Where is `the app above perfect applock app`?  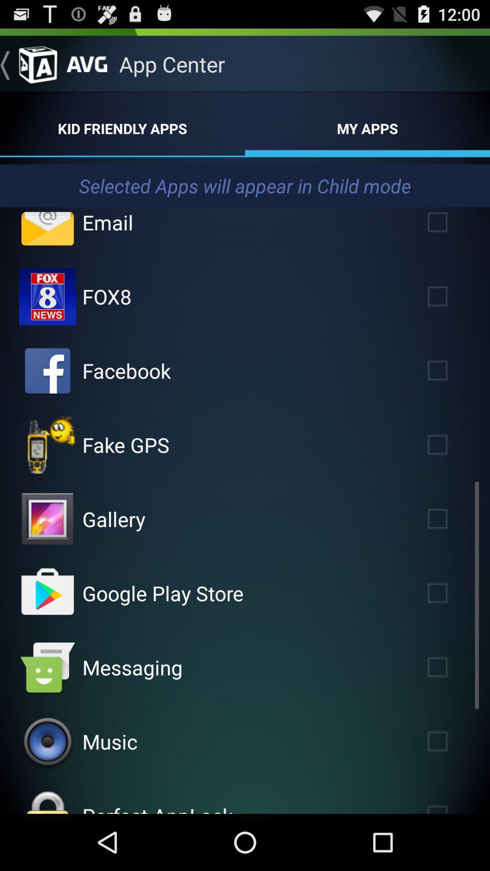
the app above perfect applock app is located at coordinates (109, 741).